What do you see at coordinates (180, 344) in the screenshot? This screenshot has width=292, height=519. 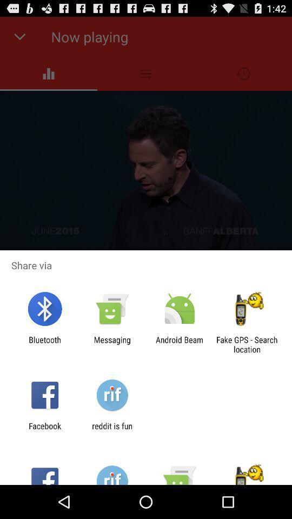 I see `android beam icon` at bounding box center [180, 344].